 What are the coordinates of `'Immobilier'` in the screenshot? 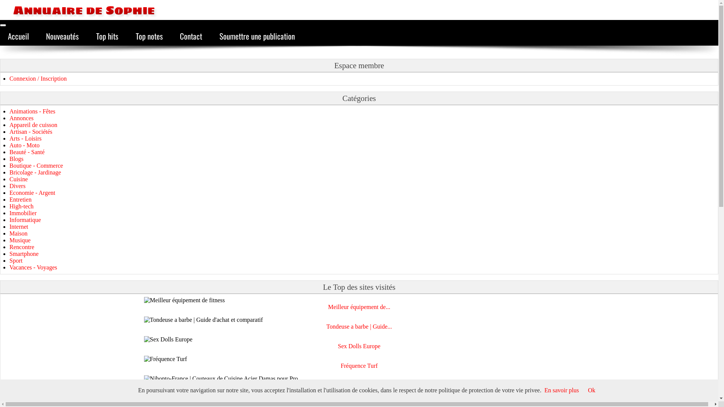 It's located at (23, 213).